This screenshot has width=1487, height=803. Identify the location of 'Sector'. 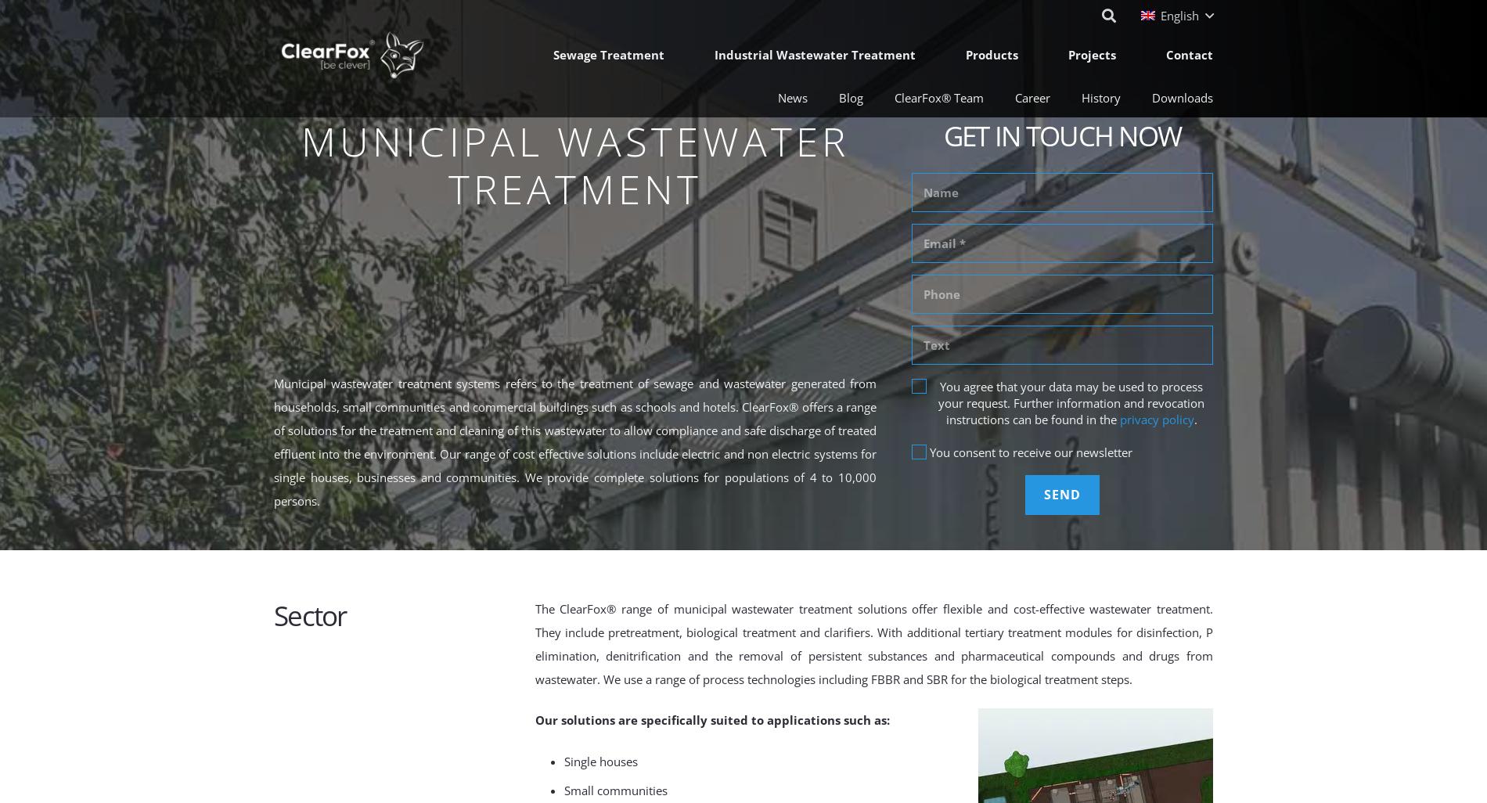
(272, 614).